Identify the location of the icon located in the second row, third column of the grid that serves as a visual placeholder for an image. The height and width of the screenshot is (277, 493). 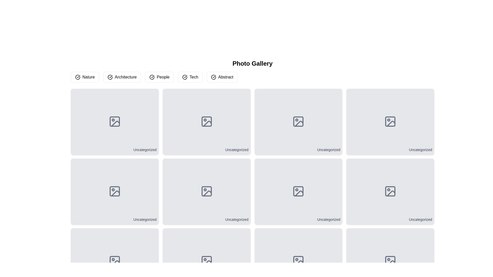
(114, 191).